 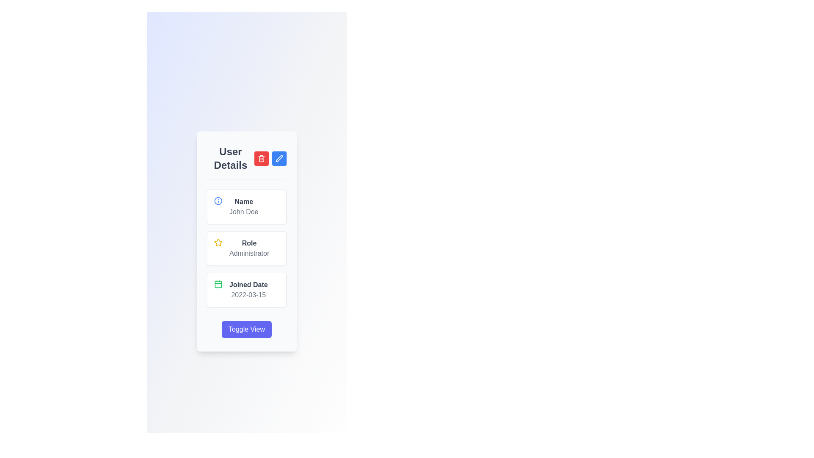 I want to click on the delete button located in the 'User Details' card, positioned to the left of a blue pencil icon button, so click(x=261, y=158).